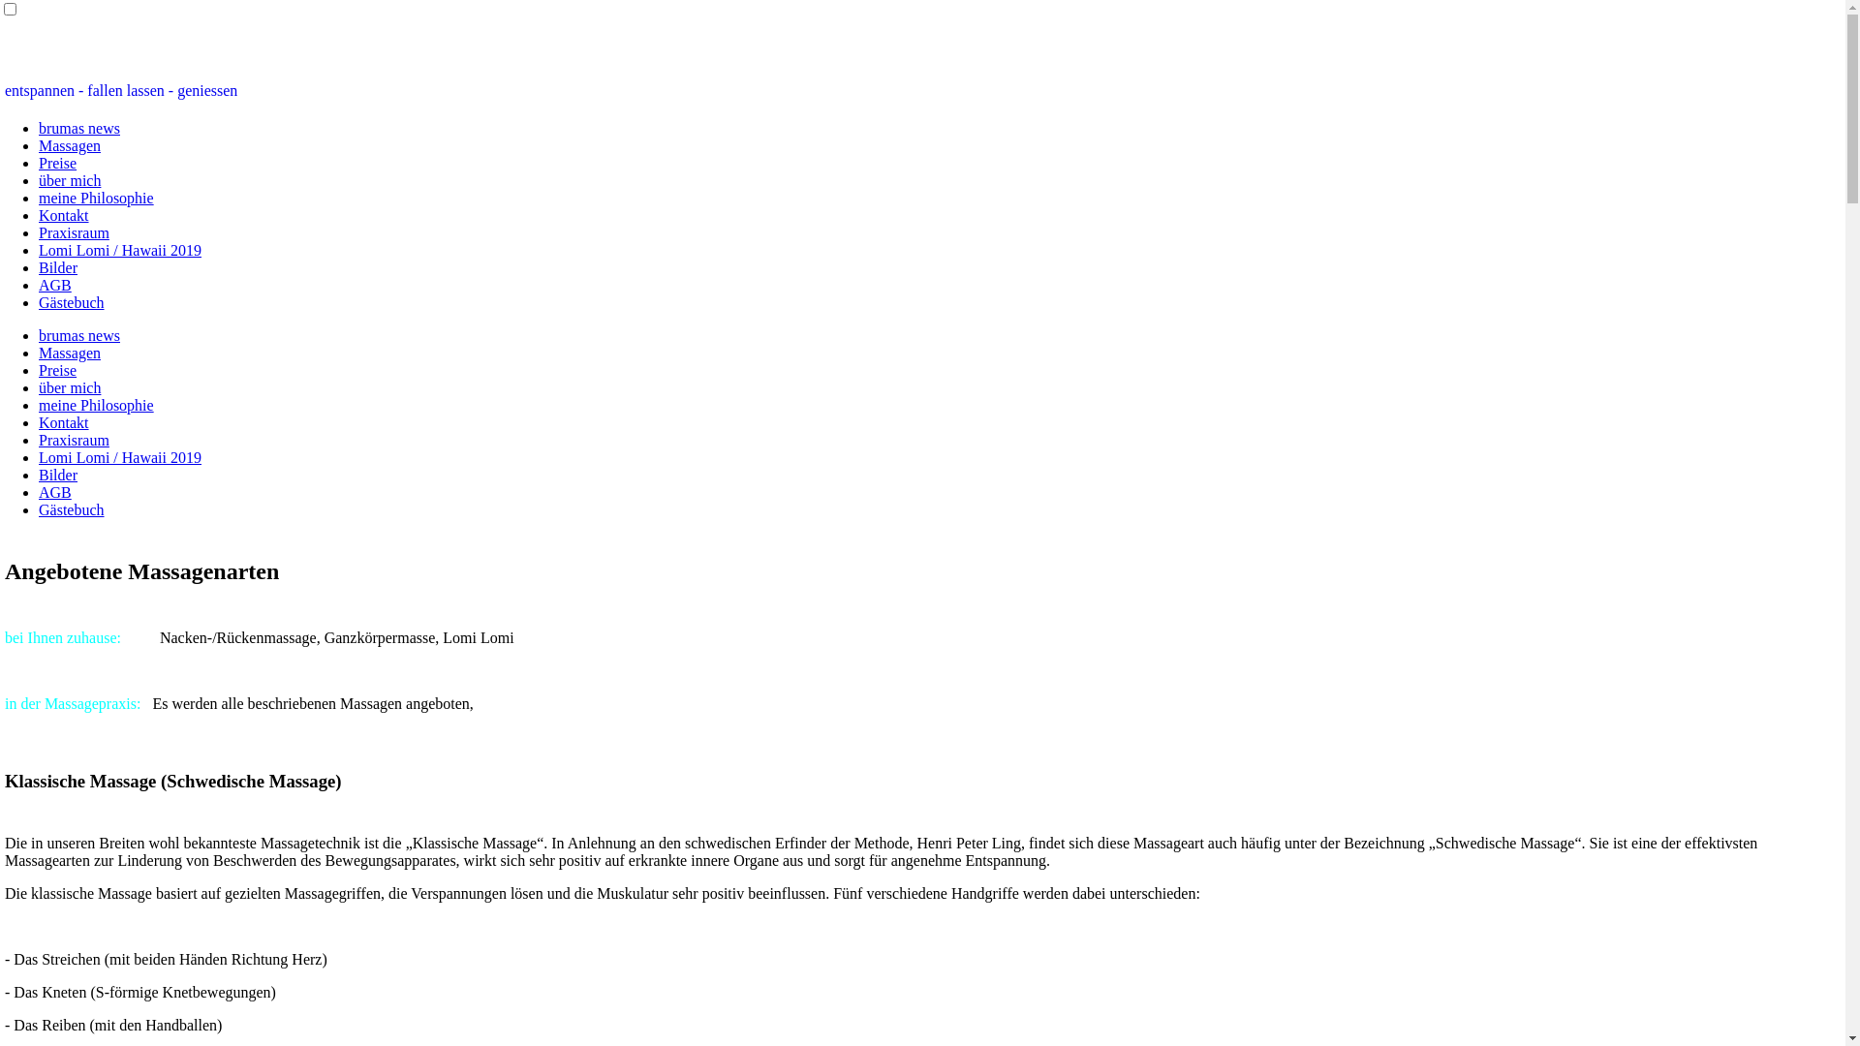 Image resolution: width=1860 pixels, height=1046 pixels. I want to click on 'Preise', so click(57, 370).